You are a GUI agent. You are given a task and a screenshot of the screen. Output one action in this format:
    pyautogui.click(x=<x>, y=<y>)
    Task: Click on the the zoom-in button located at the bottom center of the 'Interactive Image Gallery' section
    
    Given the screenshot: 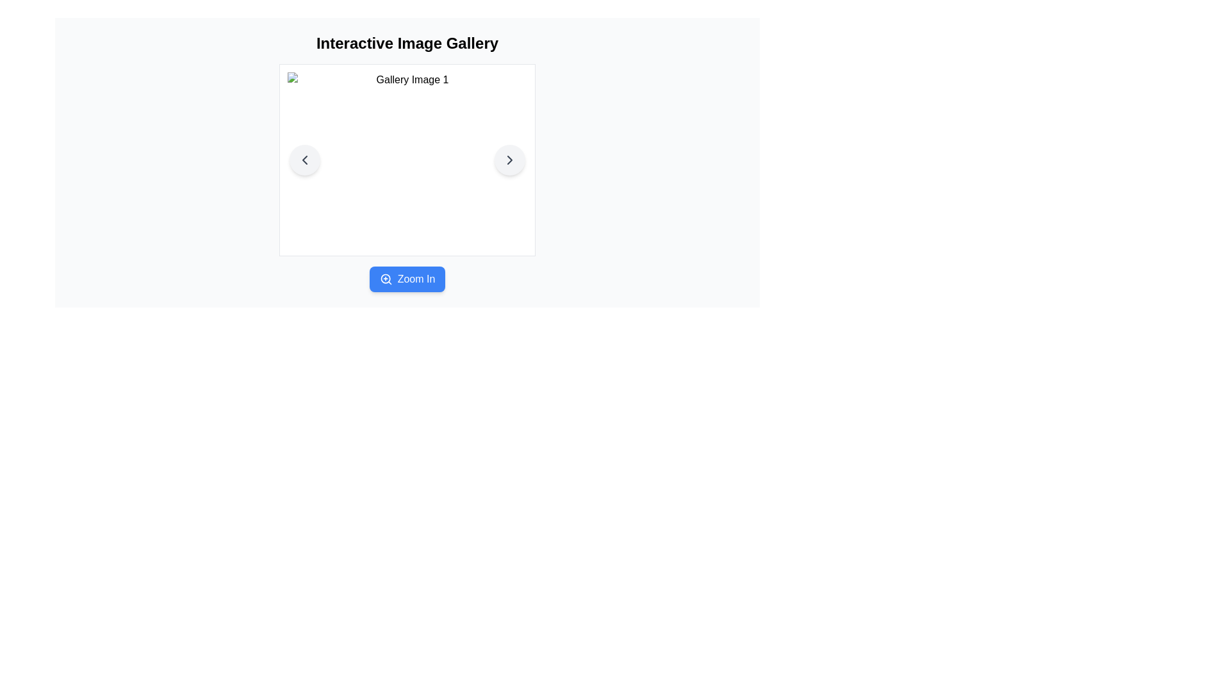 What is the action you would take?
    pyautogui.click(x=406, y=278)
    